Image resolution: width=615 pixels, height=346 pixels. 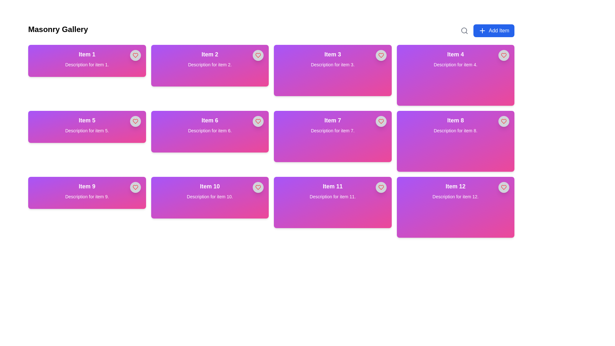 I want to click on the text label providing additional information about 'Item 3' located in the middle part of the third card in the grid of items, so click(x=332, y=64).